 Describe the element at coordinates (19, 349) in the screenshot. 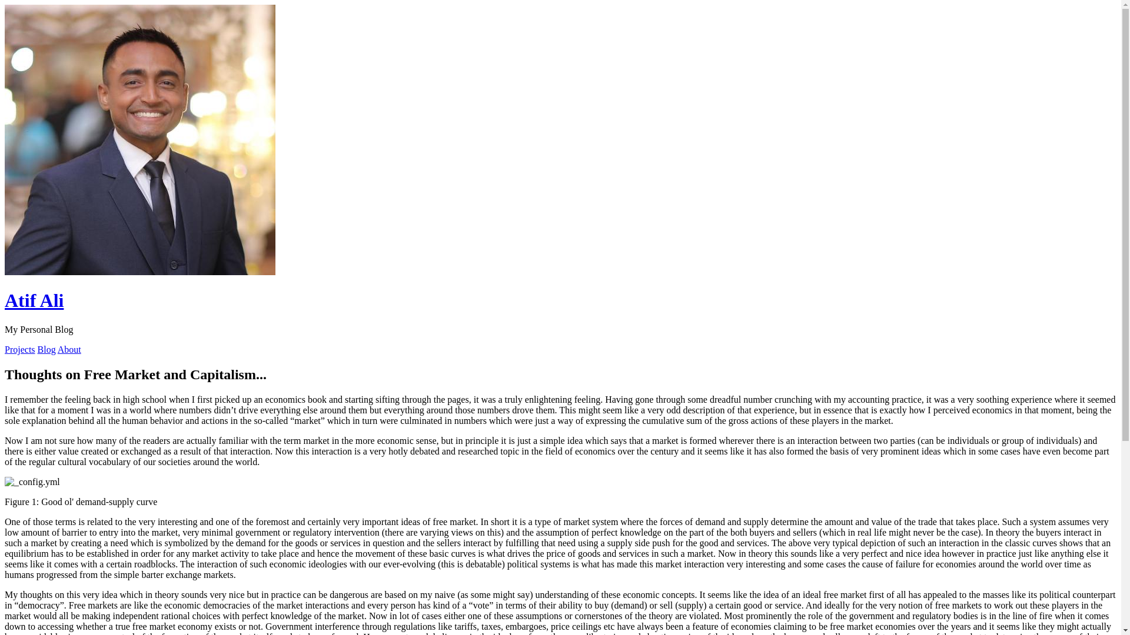

I see `'Projects'` at that location.